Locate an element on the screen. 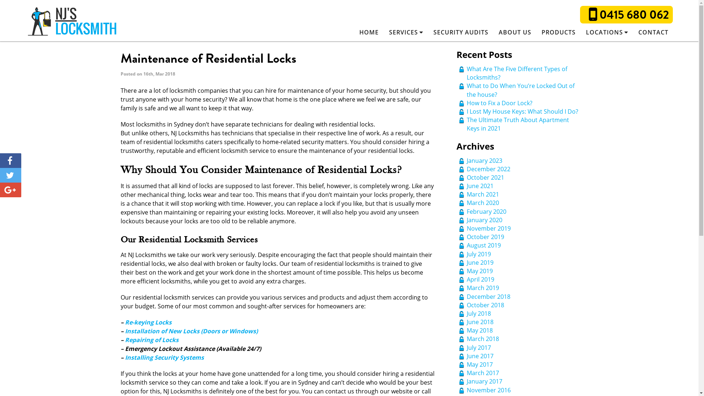  'November 2016' is located at coordinates (488, 390).